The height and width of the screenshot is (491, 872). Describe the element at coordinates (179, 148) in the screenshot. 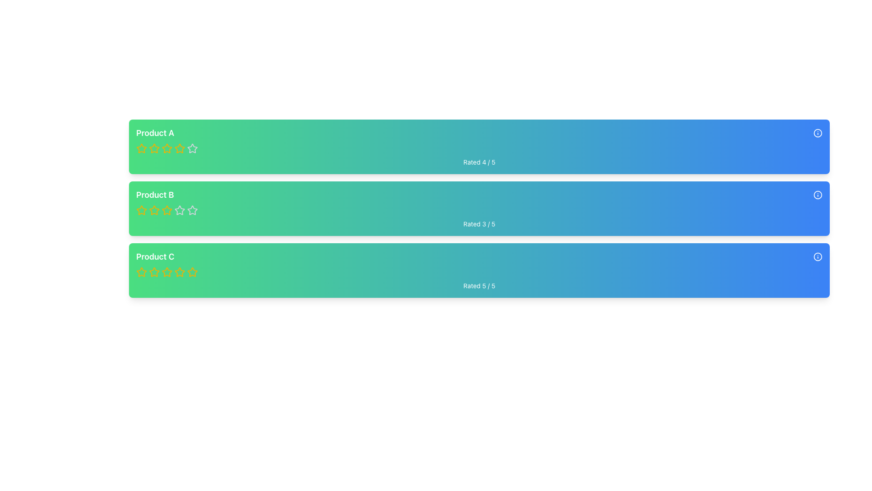

I see `the fourth star in the five-star rating system for 'Product A'` at that location.